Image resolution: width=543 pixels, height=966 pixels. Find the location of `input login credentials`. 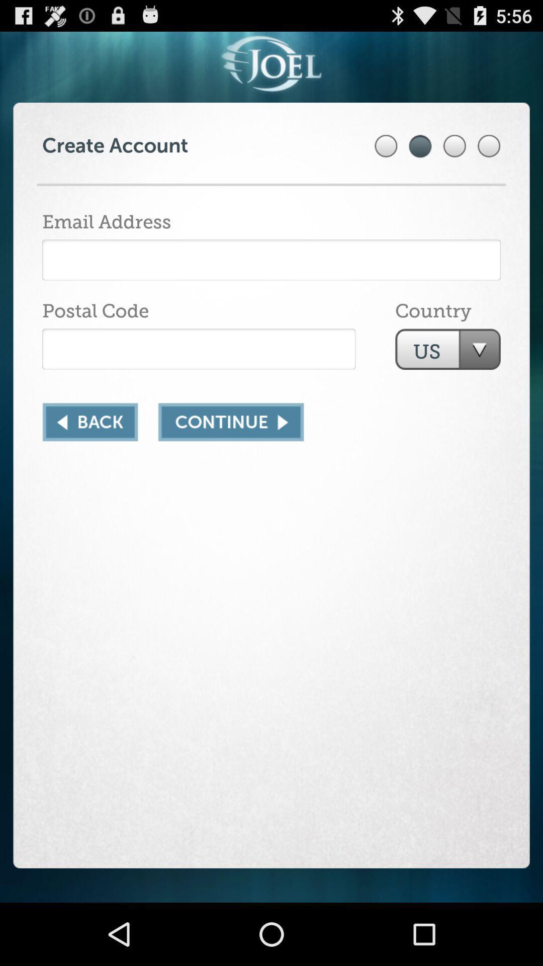

input login credentials is located at coordinates (271, 260).